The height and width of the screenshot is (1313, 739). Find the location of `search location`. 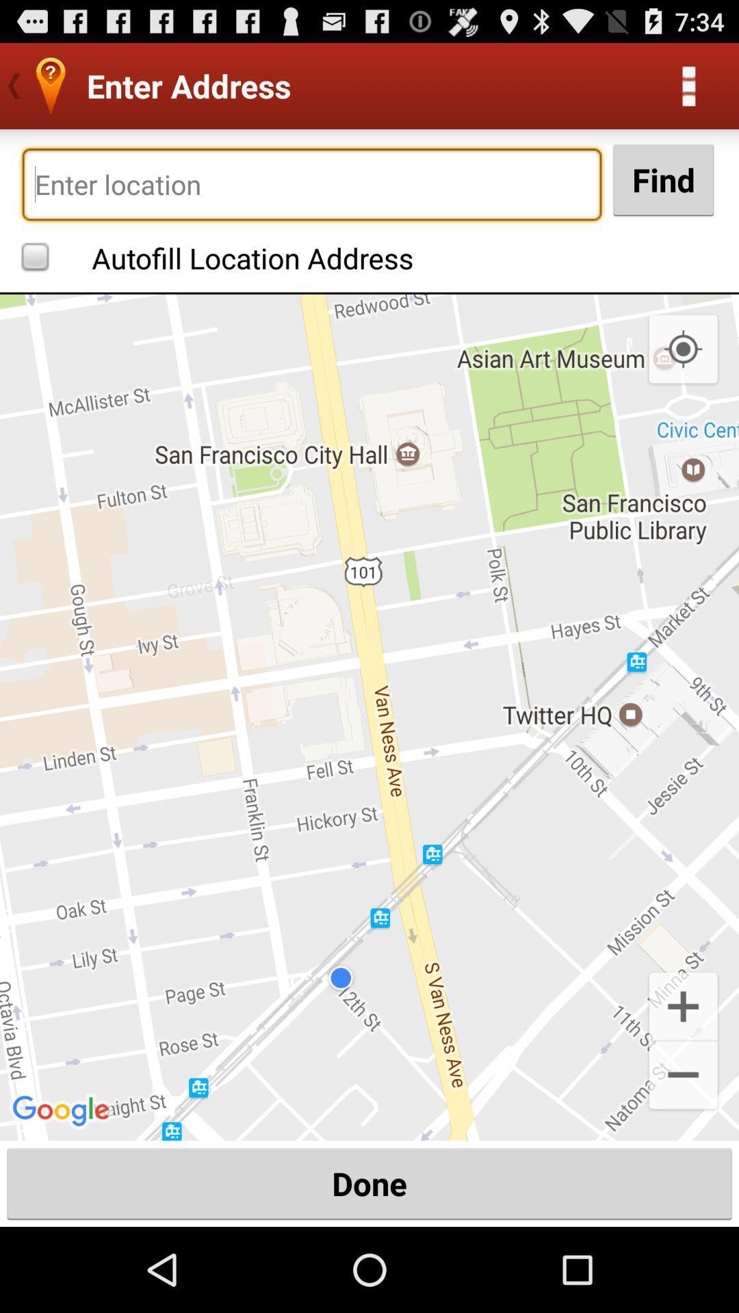

search location is located at coordinates (311, 183).